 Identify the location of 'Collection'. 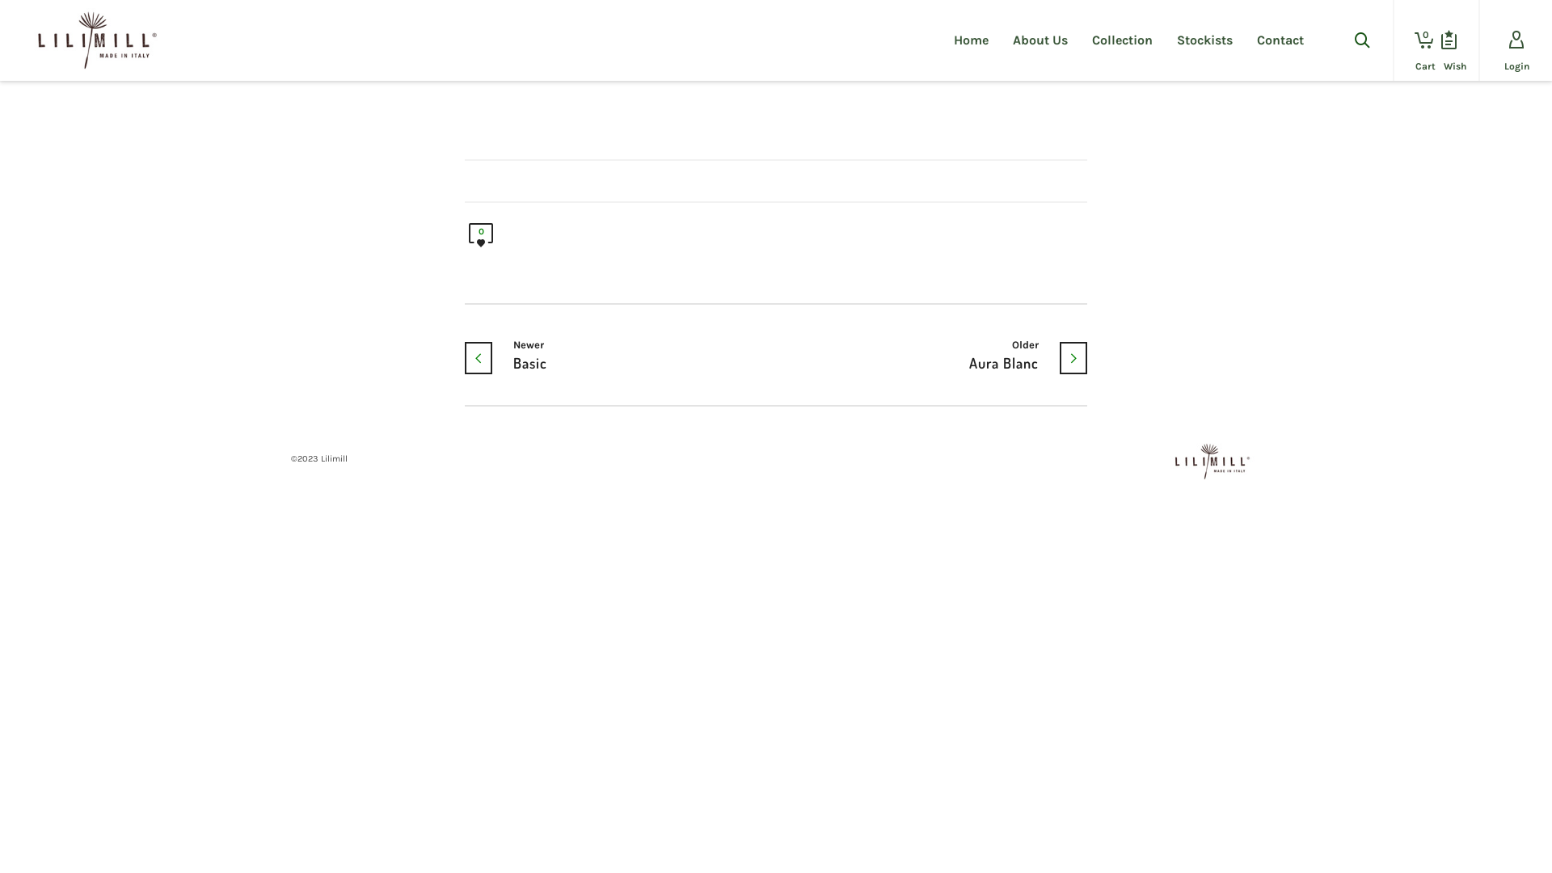
(1121, 40).